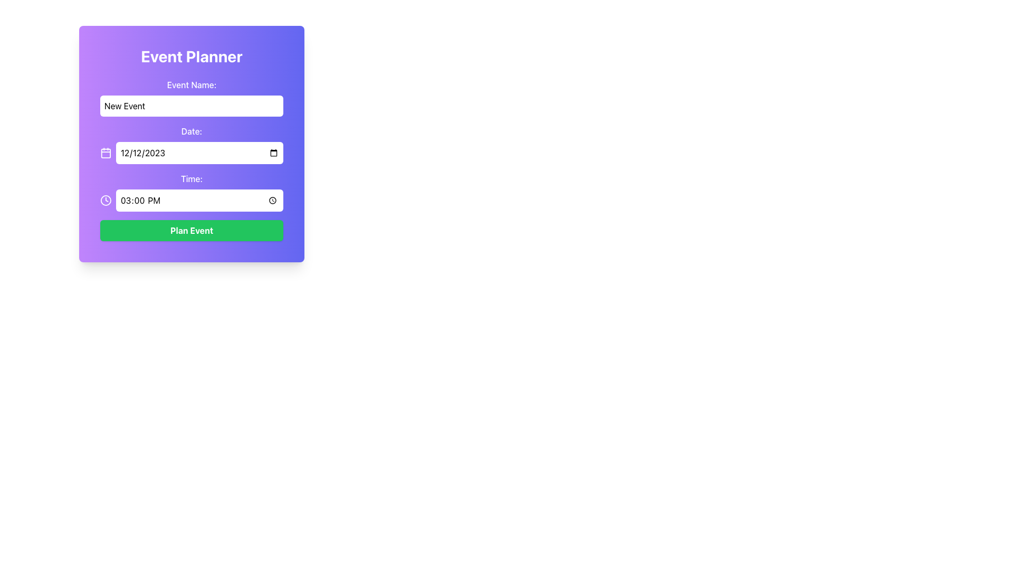 This screenshot has width=1013, height=570. Describe the element at coordinates (192, 98) in the screenshot. I see `the text input field labeled 'Event Name:' to focus on it for data entry` at that location.